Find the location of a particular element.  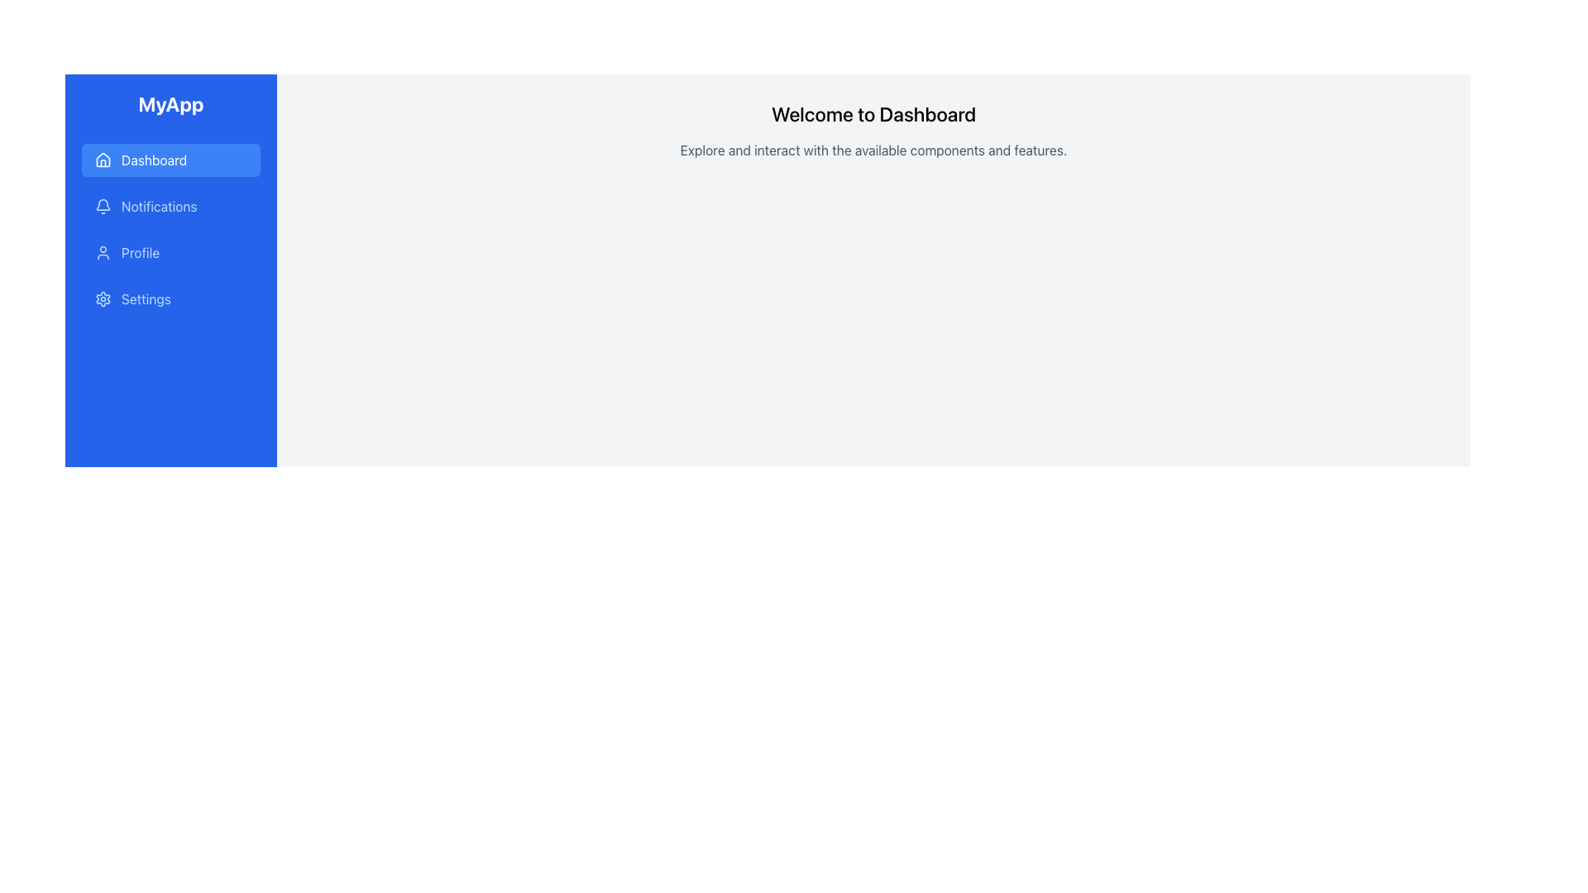

the Text Label that serves as a header for the dashboard page, providing a welcoming message to users is located at coordinates (873, 113).